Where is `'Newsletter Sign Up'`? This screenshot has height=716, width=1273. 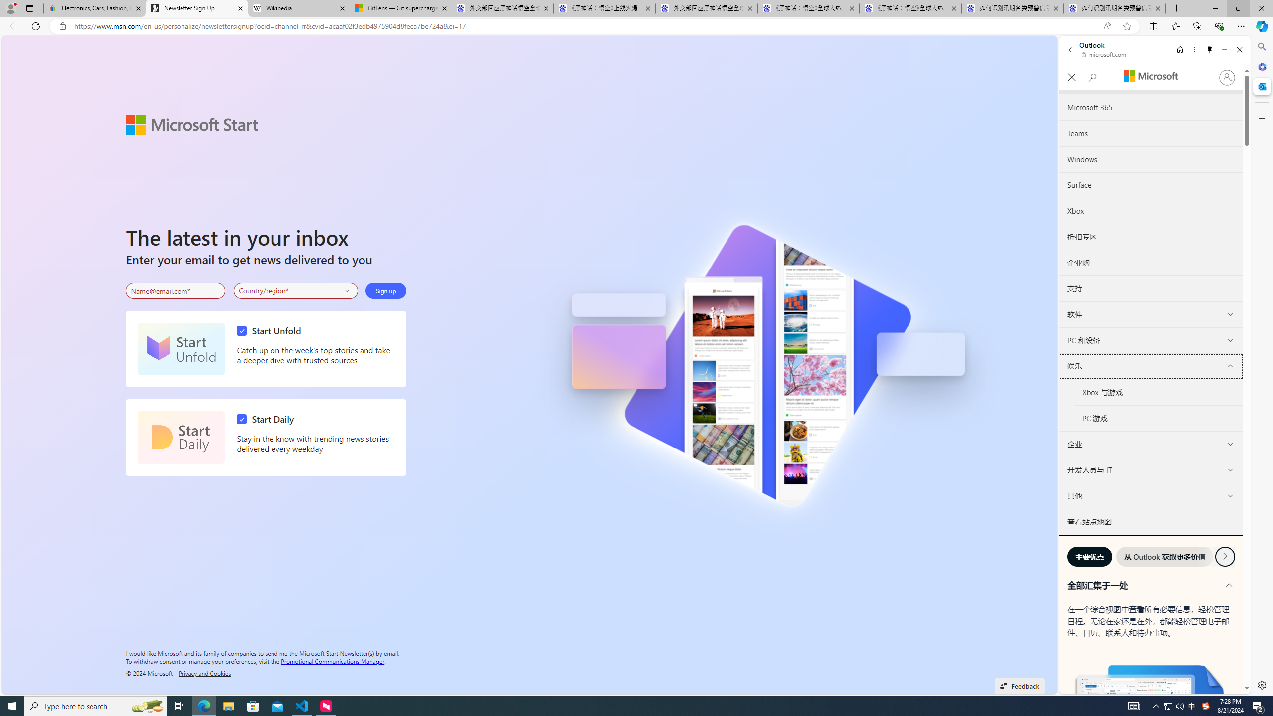
'Newsletter Sign Up' is located at coordinates (196, 8).